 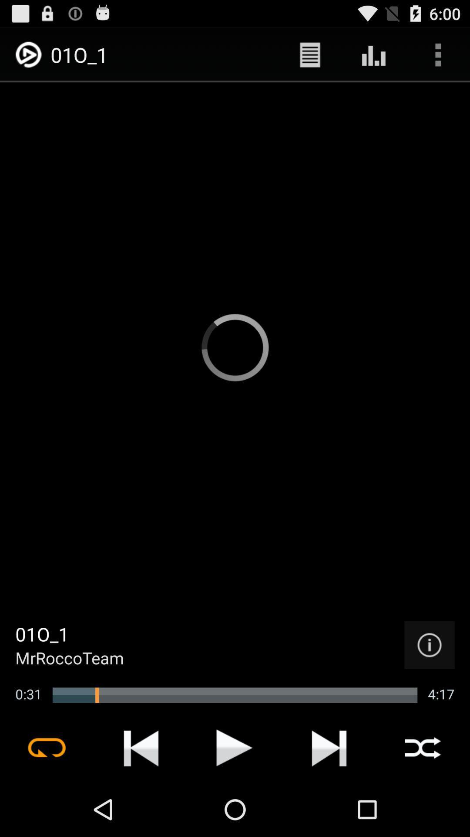 I want to click on the skip_next icon, so click(x=329, y=800).